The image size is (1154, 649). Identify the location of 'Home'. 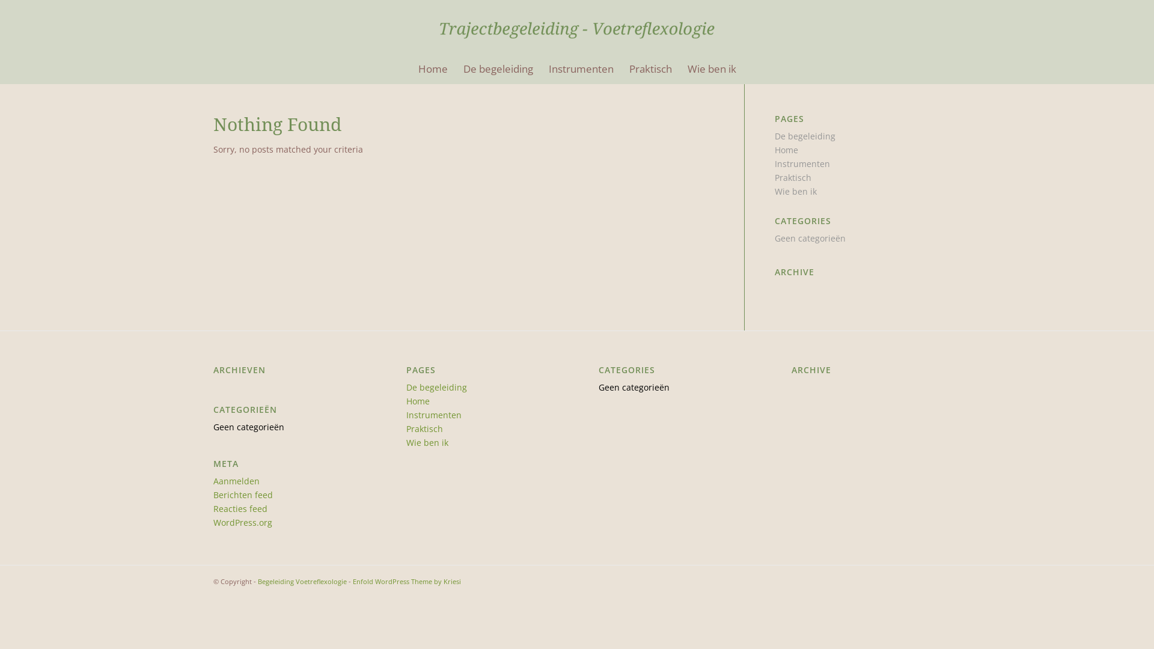
(406, 401).